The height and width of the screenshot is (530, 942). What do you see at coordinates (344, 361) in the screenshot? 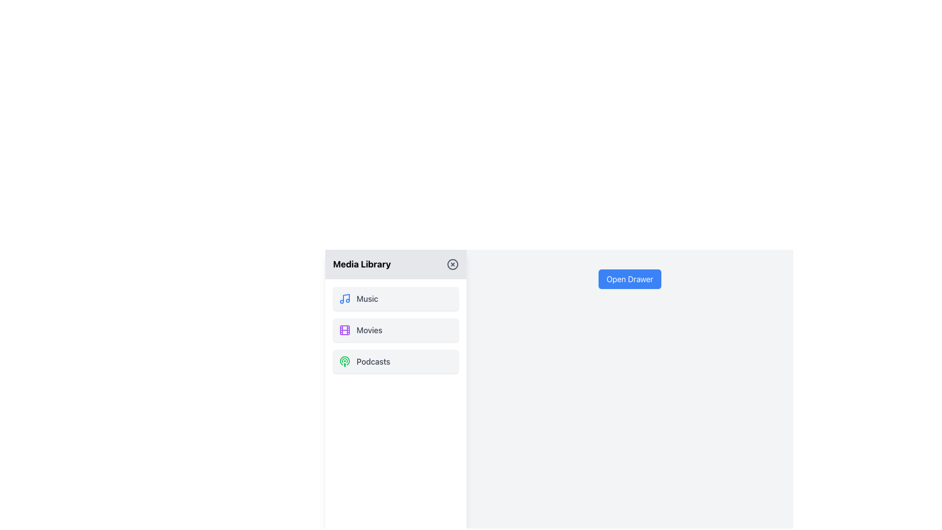
I see `the green podcast icon, which is the leftmost component of the 'Podcasts' button in the vertical list under 'Media Library' in the side panel` at bounding box center [344, 361].